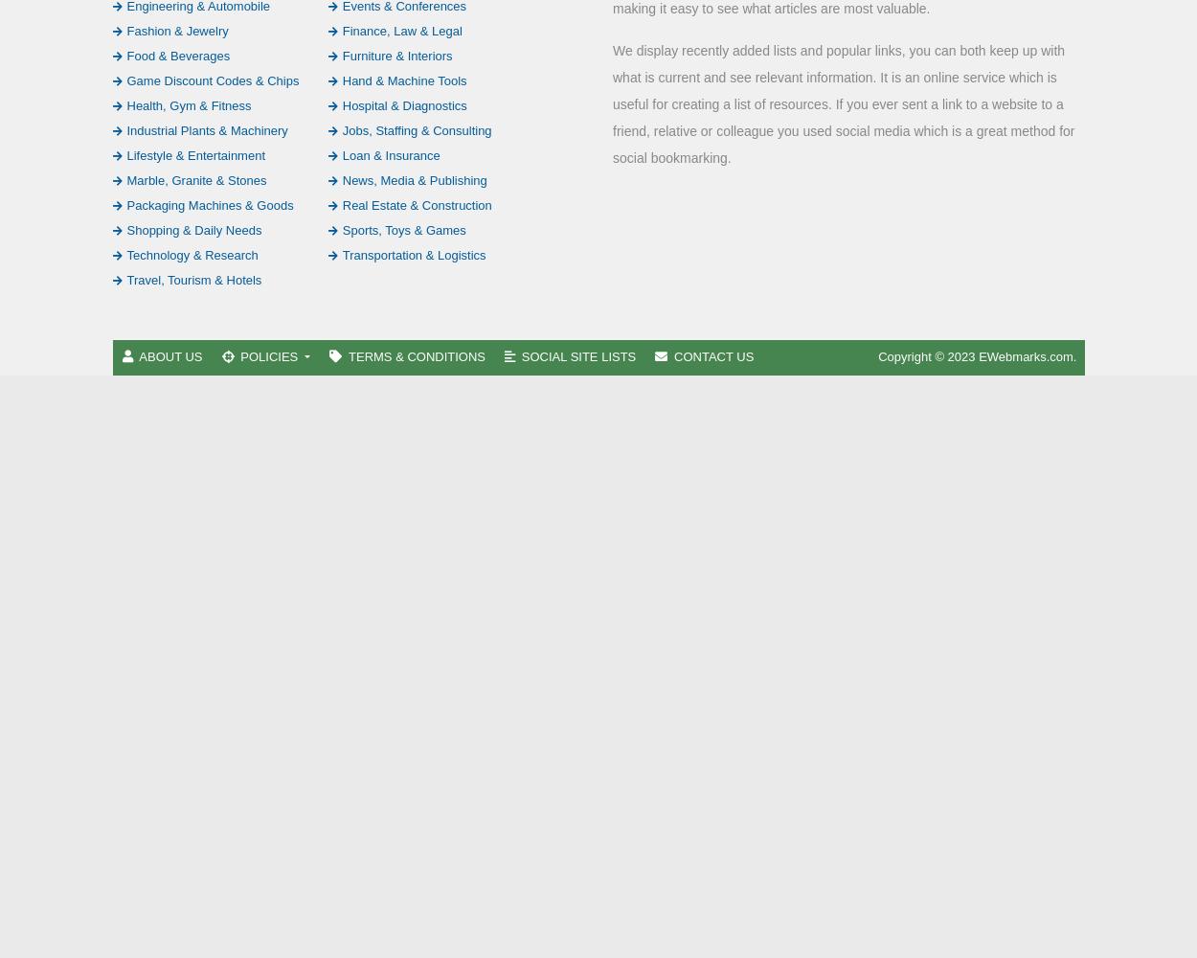 The height and width of the screenshot is (958, 1197). Describe the element at coordinates (577, 354) in the screenshot. I see `'Social Site Lists'` at that location.